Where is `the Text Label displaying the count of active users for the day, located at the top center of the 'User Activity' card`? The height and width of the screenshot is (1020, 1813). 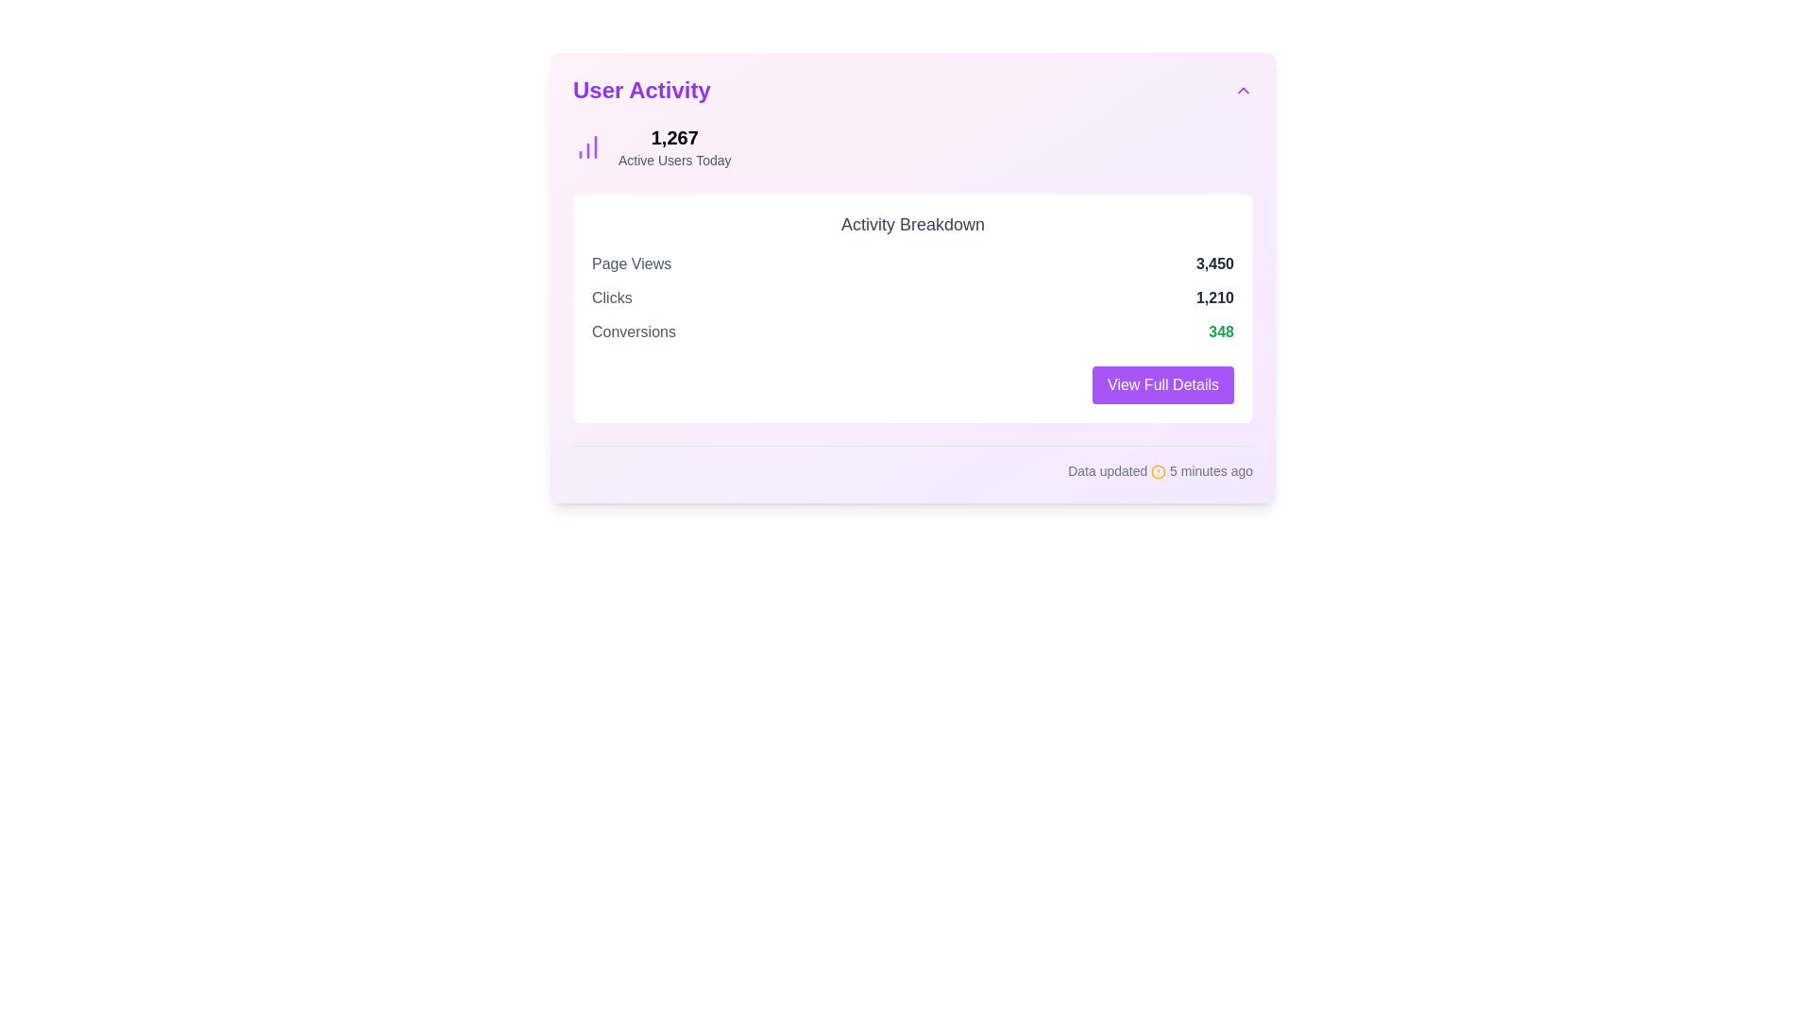 the Text Label displaying the count of active users for the day, located at the top center of the 'User Activity' card is located at coordinates (674, 137).